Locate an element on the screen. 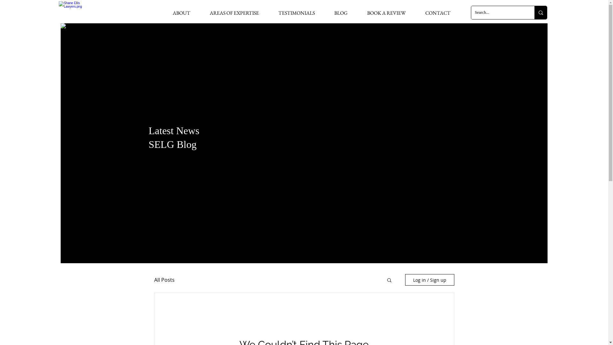 This screenshot has height=345, width=613. 'CONTACT' is located at coordinates (437, 13).